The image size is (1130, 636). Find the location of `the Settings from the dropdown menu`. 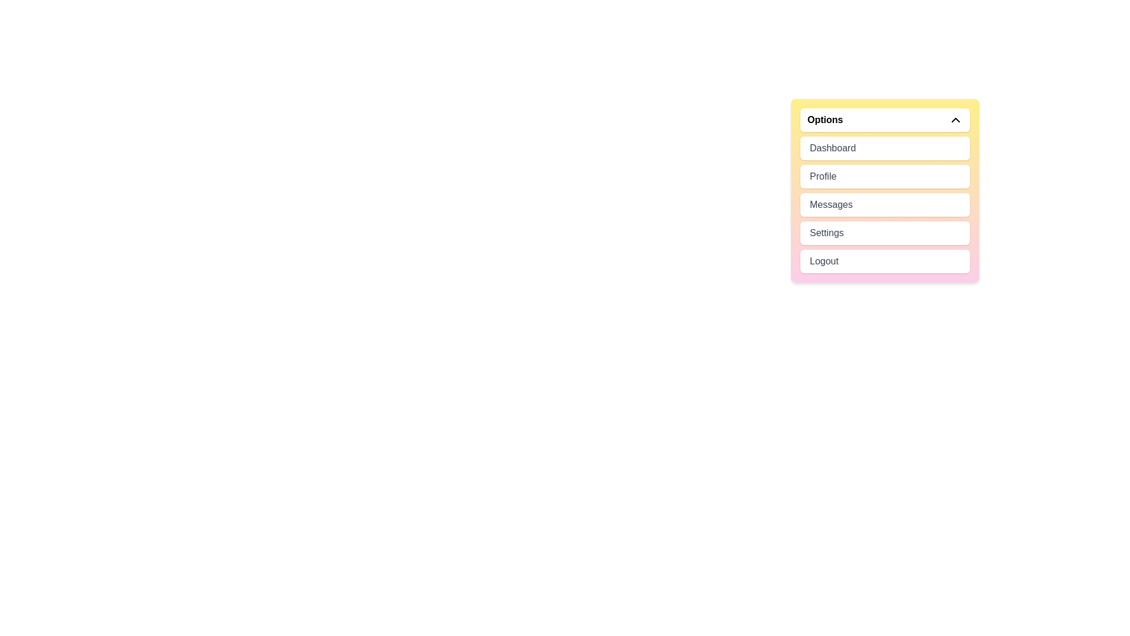

the Settings from the dropdown menu is located at coordinates (885, 233).